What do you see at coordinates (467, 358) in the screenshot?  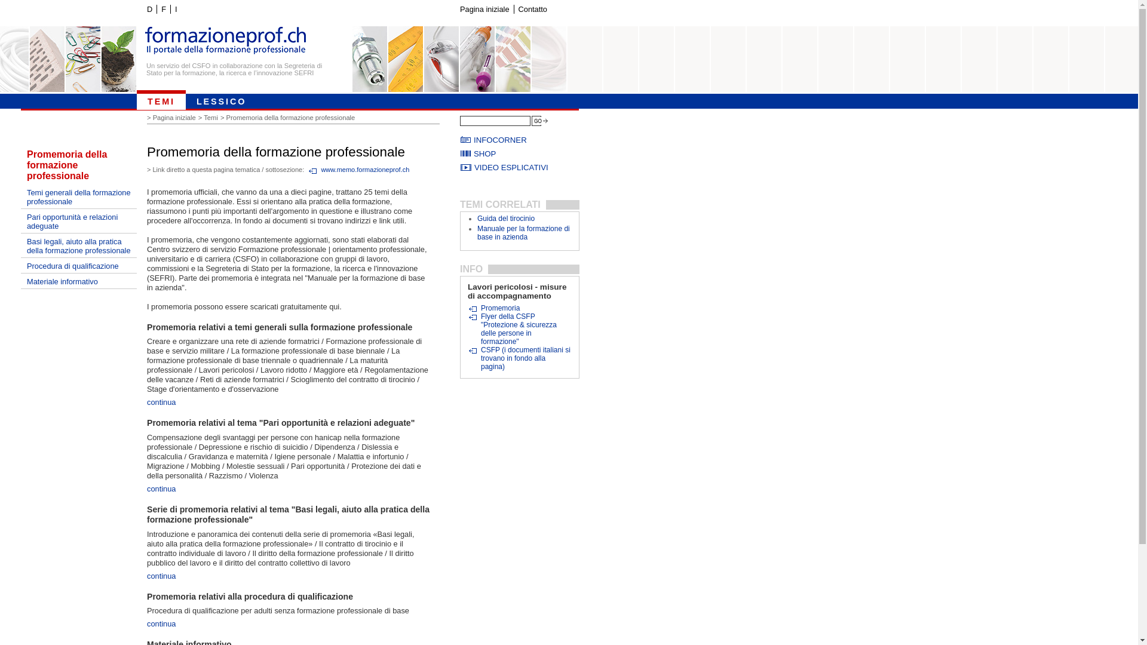 I see `'CSFP (i documenti italiani si trovano in fondo alla pagina)'` at bounding box center [467, 358].